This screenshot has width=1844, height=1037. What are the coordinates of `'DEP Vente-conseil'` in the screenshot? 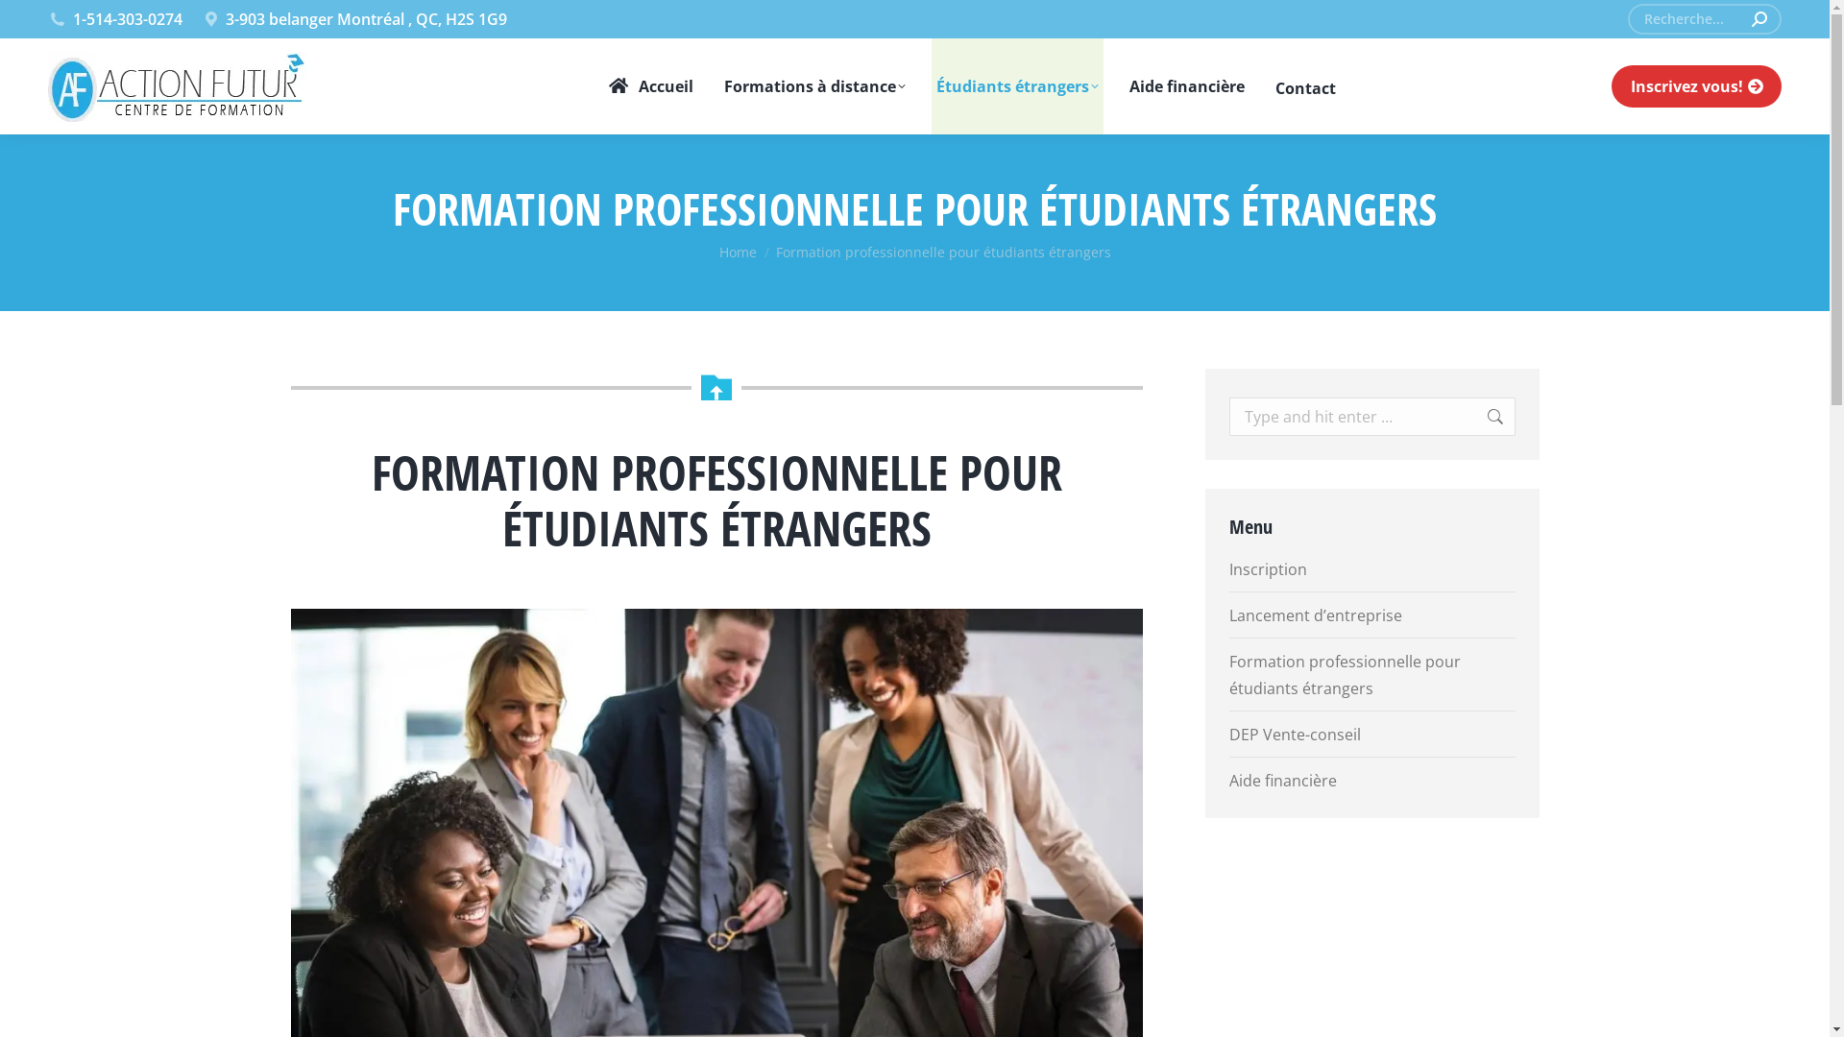 It's located at (1295, 734).